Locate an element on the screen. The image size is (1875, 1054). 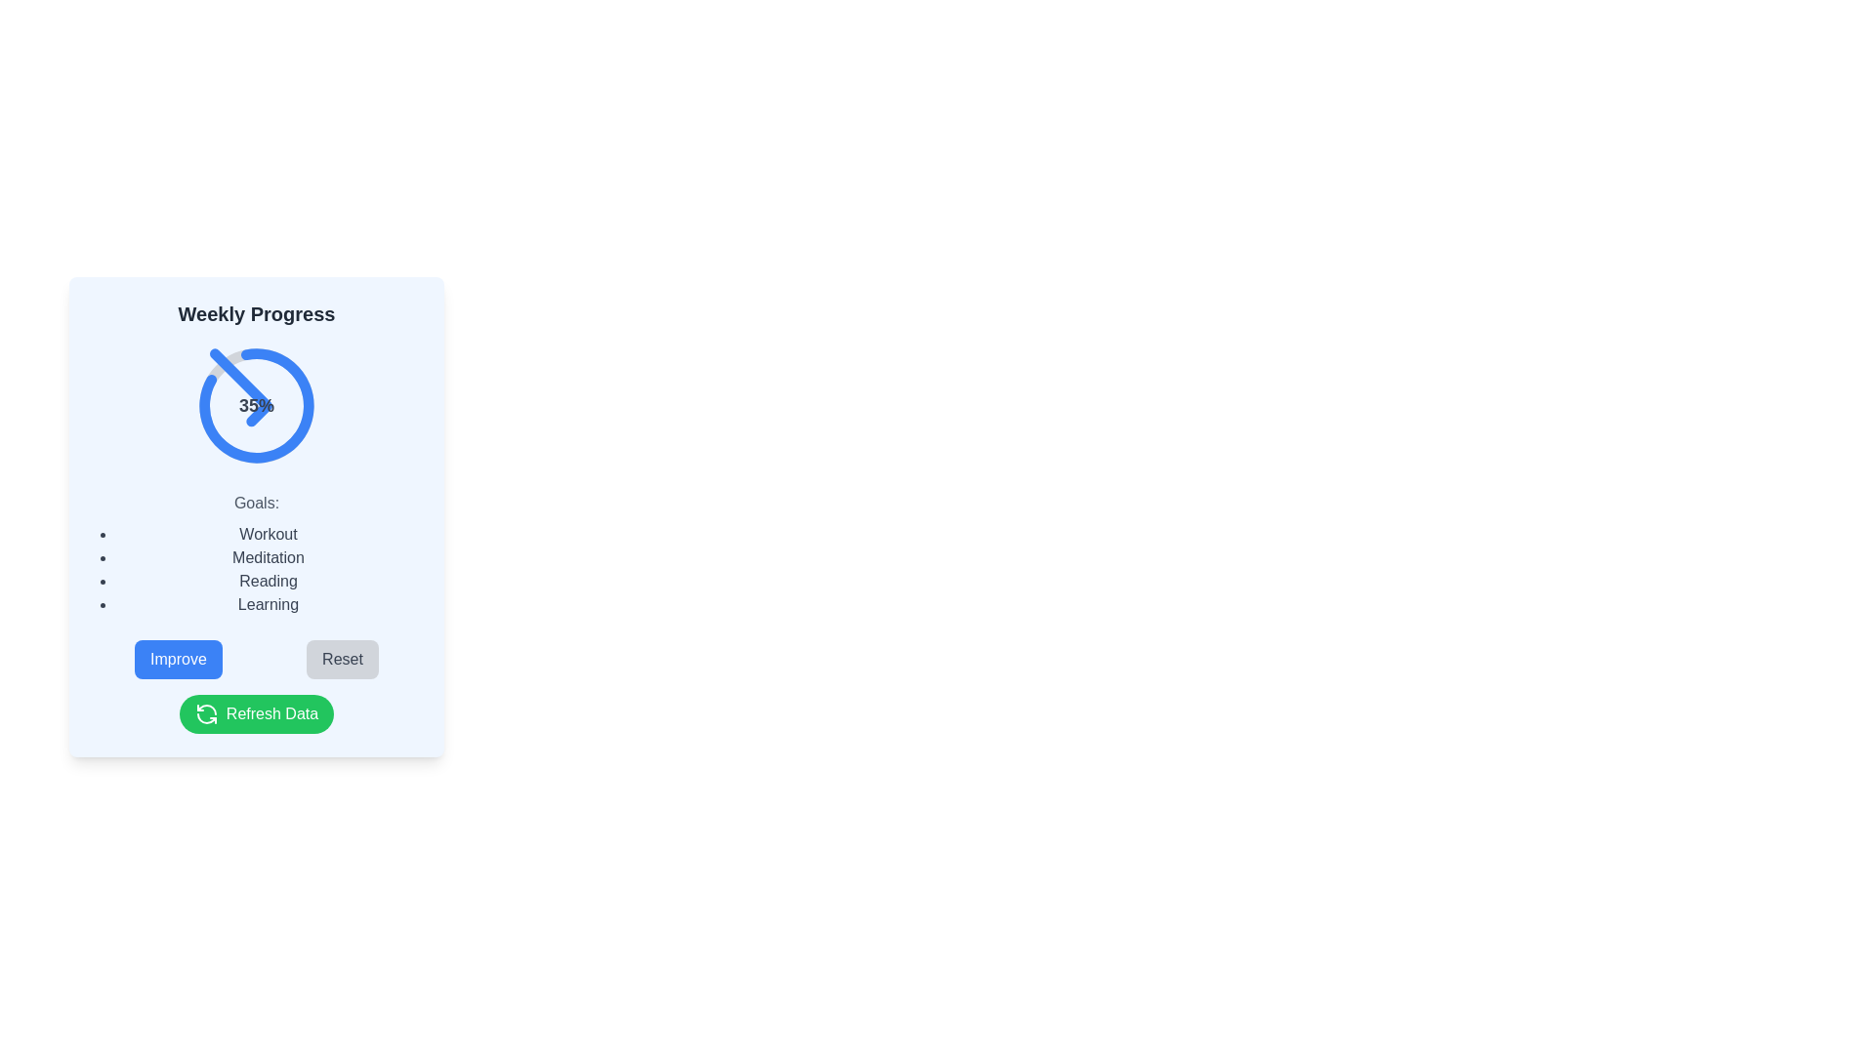
the text label displaying 'Reading' in a bullet-point list, which is styled in dark gray on a light blue background is located at coordinates (267, 581).